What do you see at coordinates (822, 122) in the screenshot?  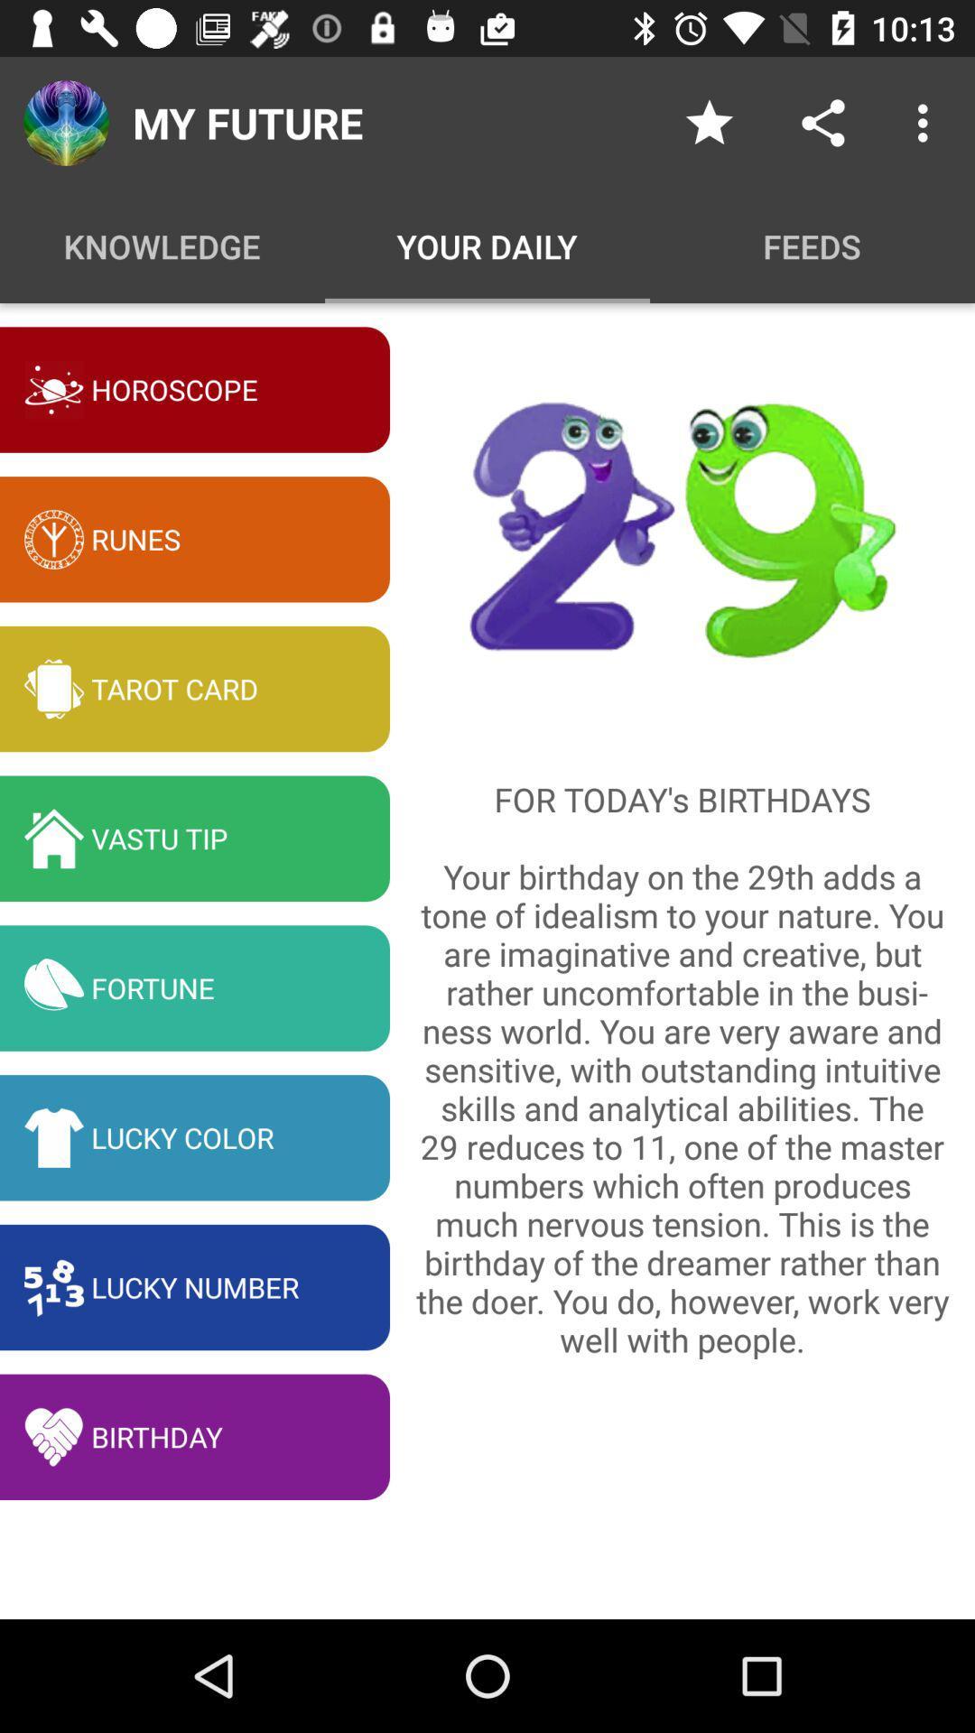 I see `share to` at bounding box center [822, 122].